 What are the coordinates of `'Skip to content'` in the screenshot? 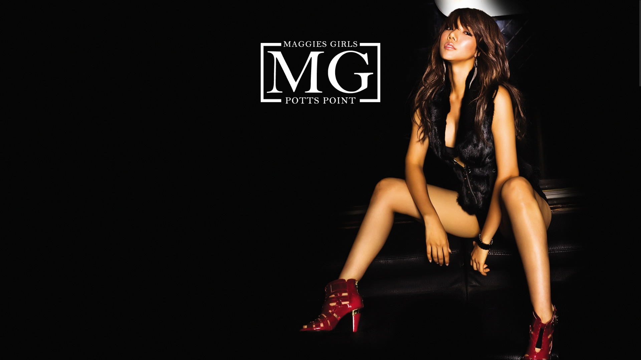 It's located at (0, 0).